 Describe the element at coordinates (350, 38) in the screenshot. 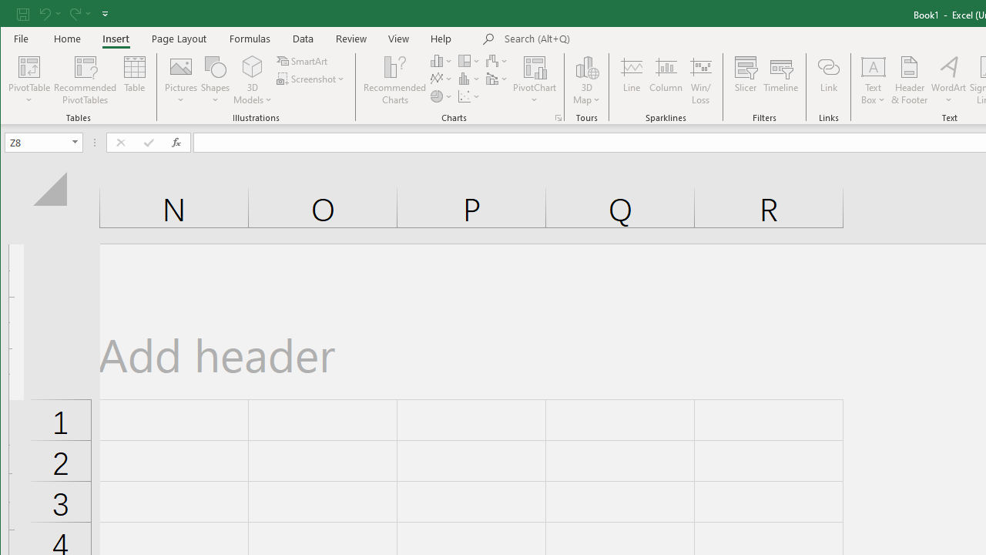

I see `'Review'` at that location.